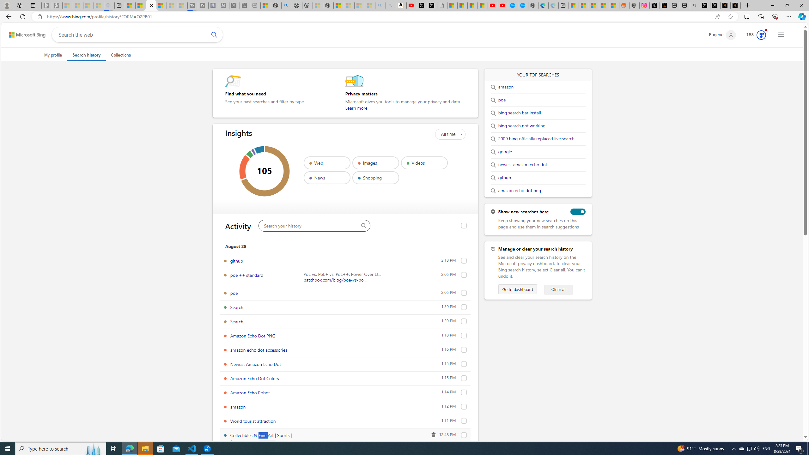 The height and width of the screenshot is (455, 809). I want to click on 'Read aloud this page (Ctrl+Shift+U)', so click(717, 17).